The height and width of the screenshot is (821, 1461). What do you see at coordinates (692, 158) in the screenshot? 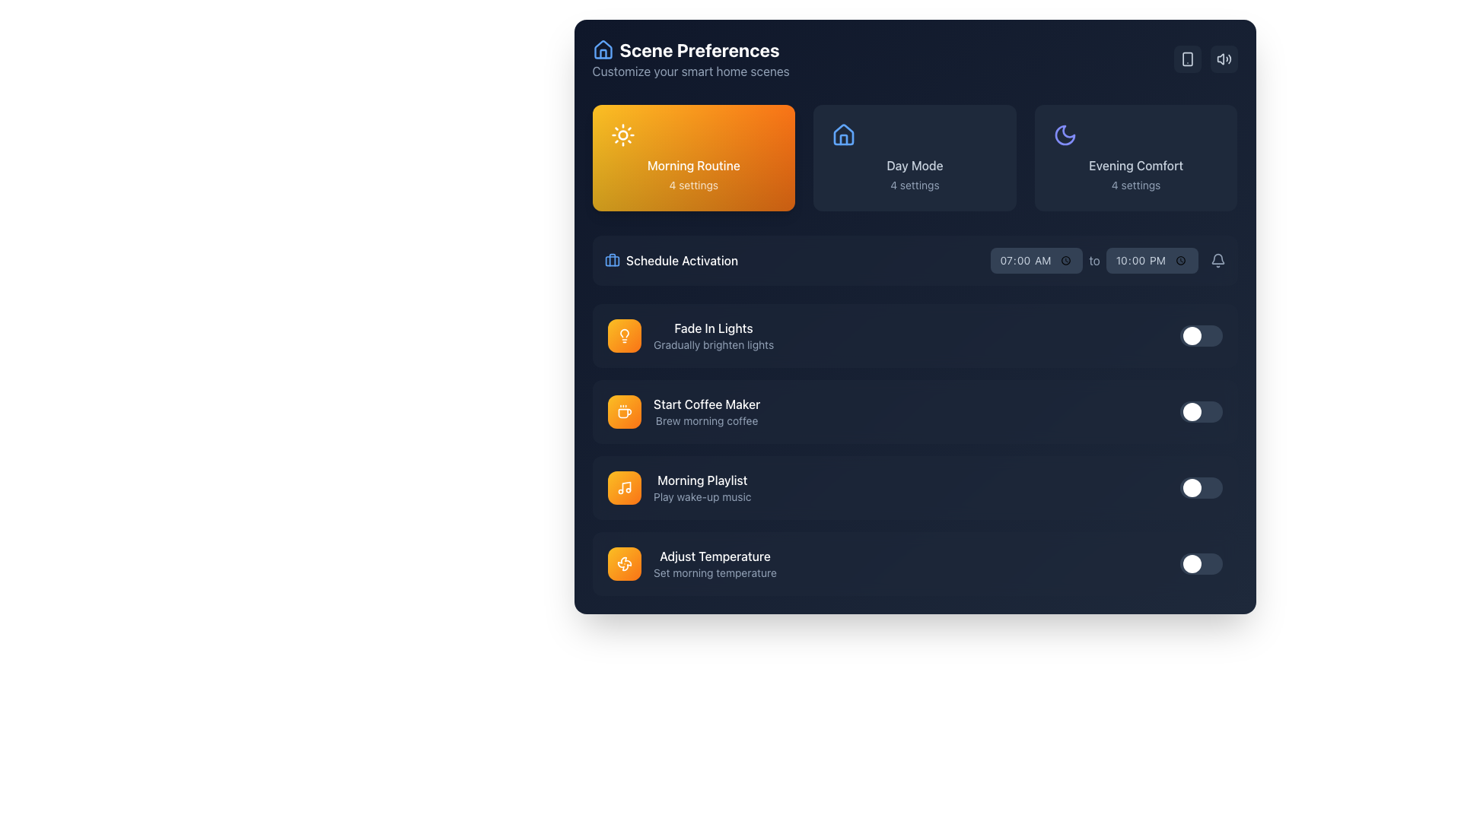
I see `the rectangular button labeled 'Morning Routine' with a gradient background transitioning from amber to orange` at bounding box center [692, 158].